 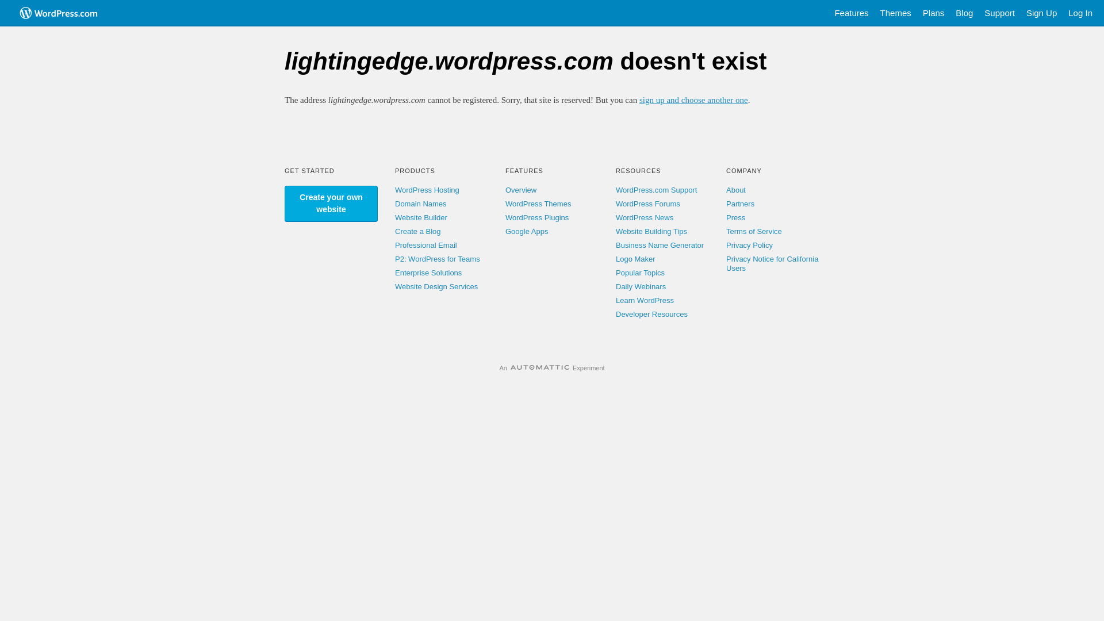 I want to click on 'Business Name Generator', so click(x=660, y=244).